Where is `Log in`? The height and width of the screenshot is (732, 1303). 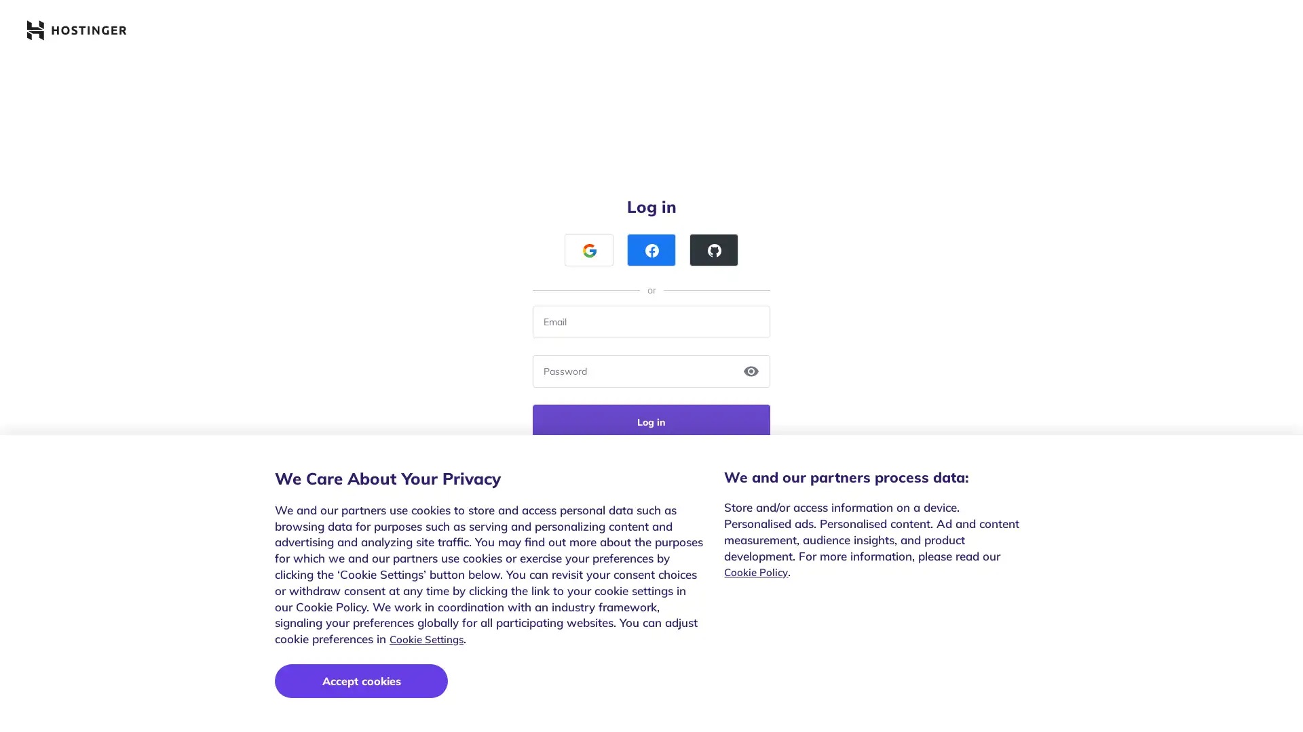 Log in is located at coordinates (651, 421).